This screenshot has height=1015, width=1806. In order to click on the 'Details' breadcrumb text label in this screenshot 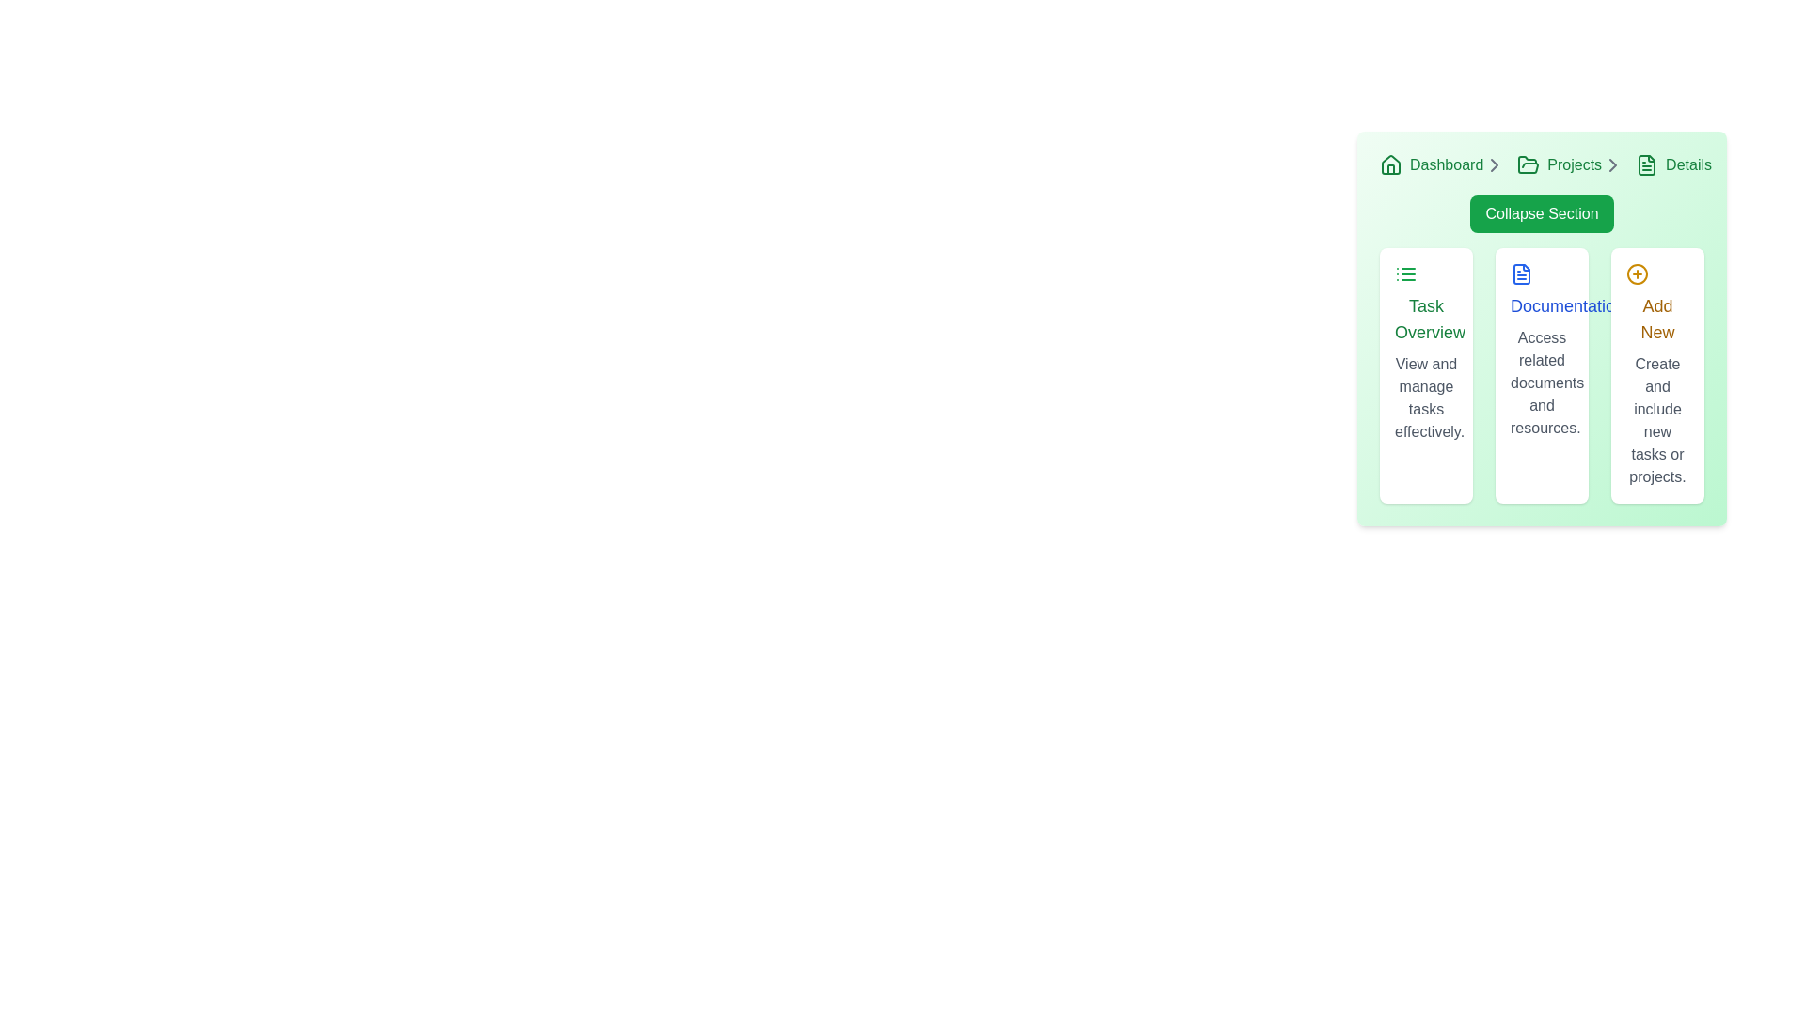, I will do `click(1688, 164)`.